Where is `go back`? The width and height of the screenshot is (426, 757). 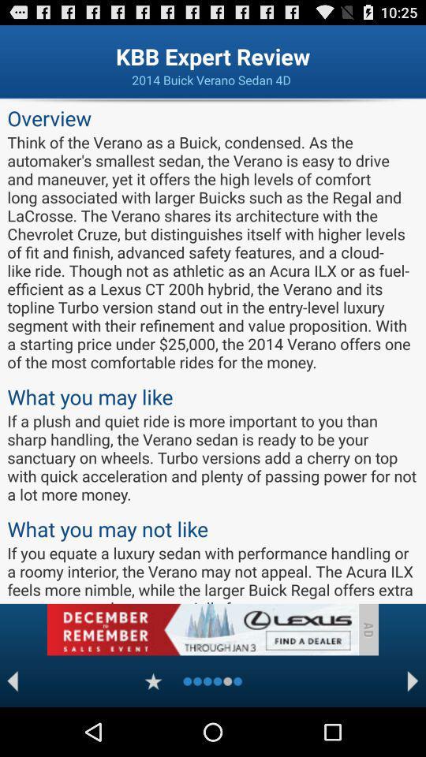
go back is located at coordinates (12, 681).